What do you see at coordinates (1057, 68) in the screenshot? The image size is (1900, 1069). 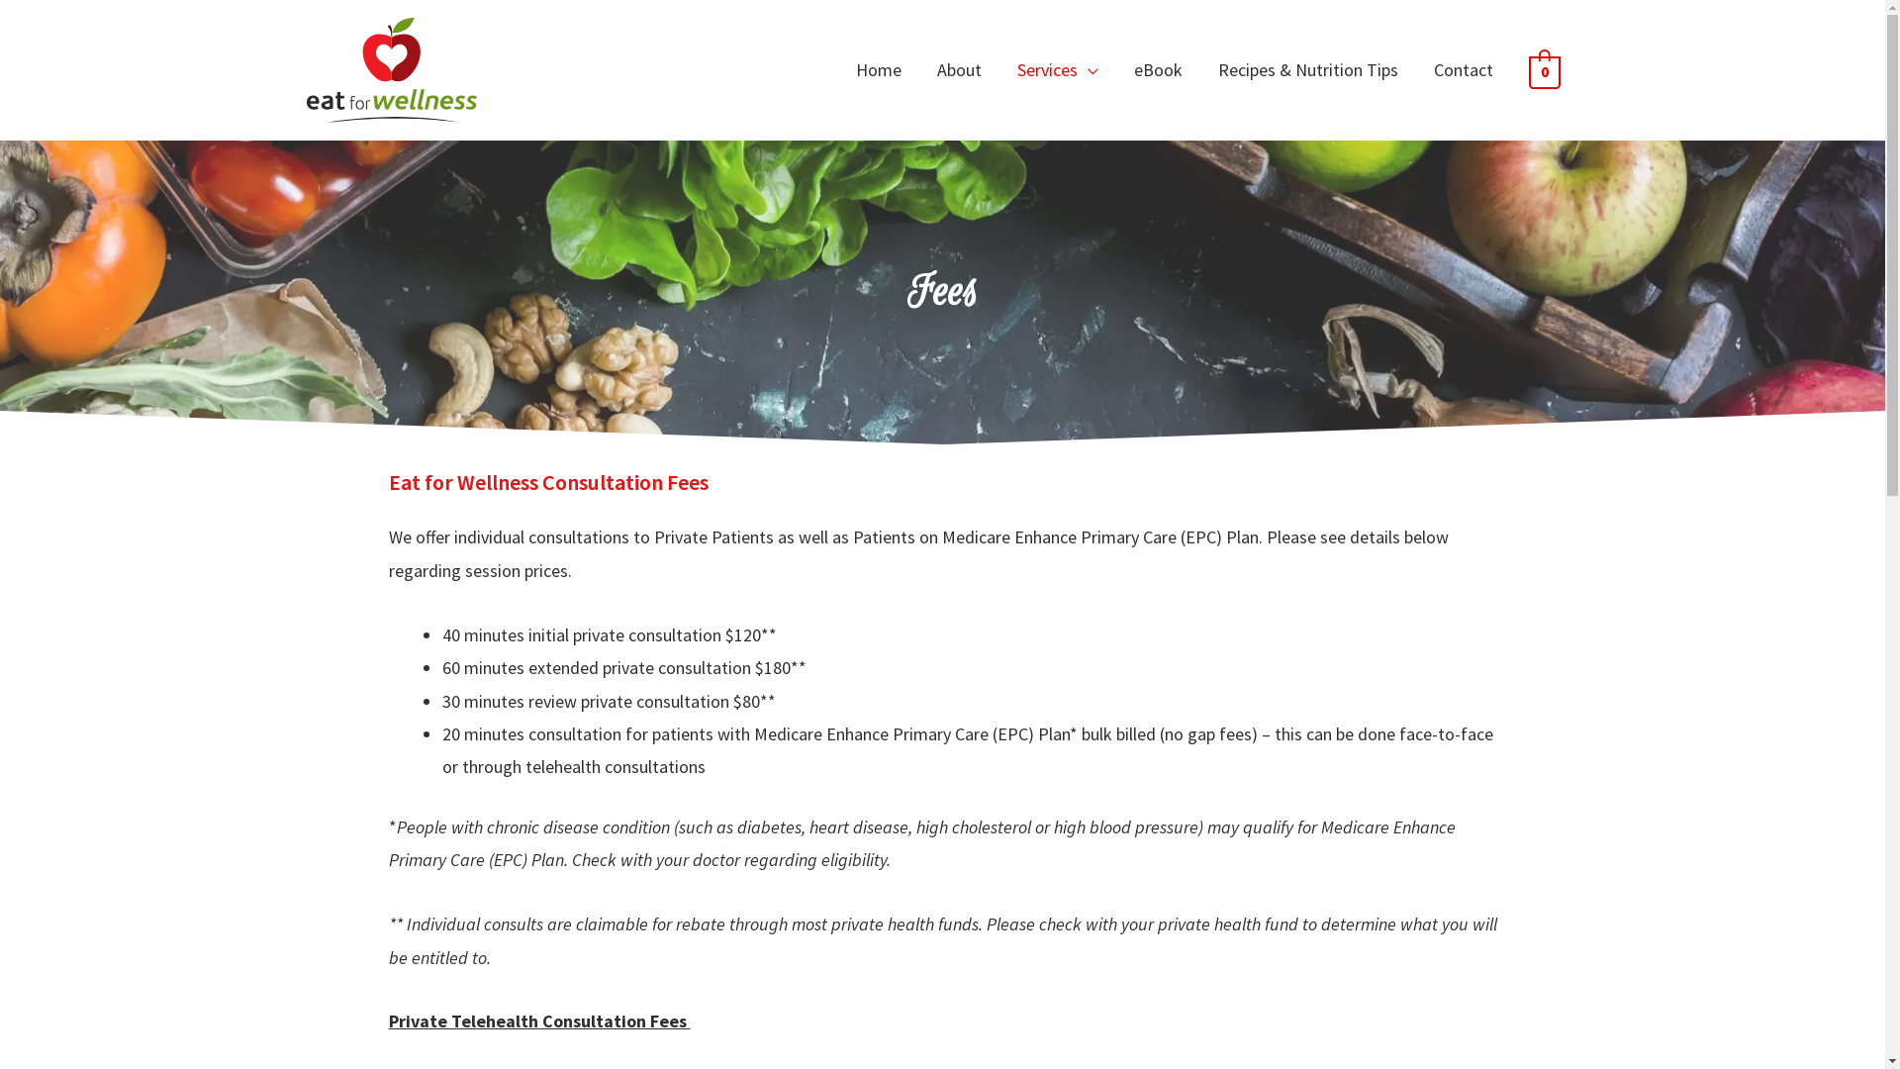 I see `'Services'` at bounding box center [1057, 68].